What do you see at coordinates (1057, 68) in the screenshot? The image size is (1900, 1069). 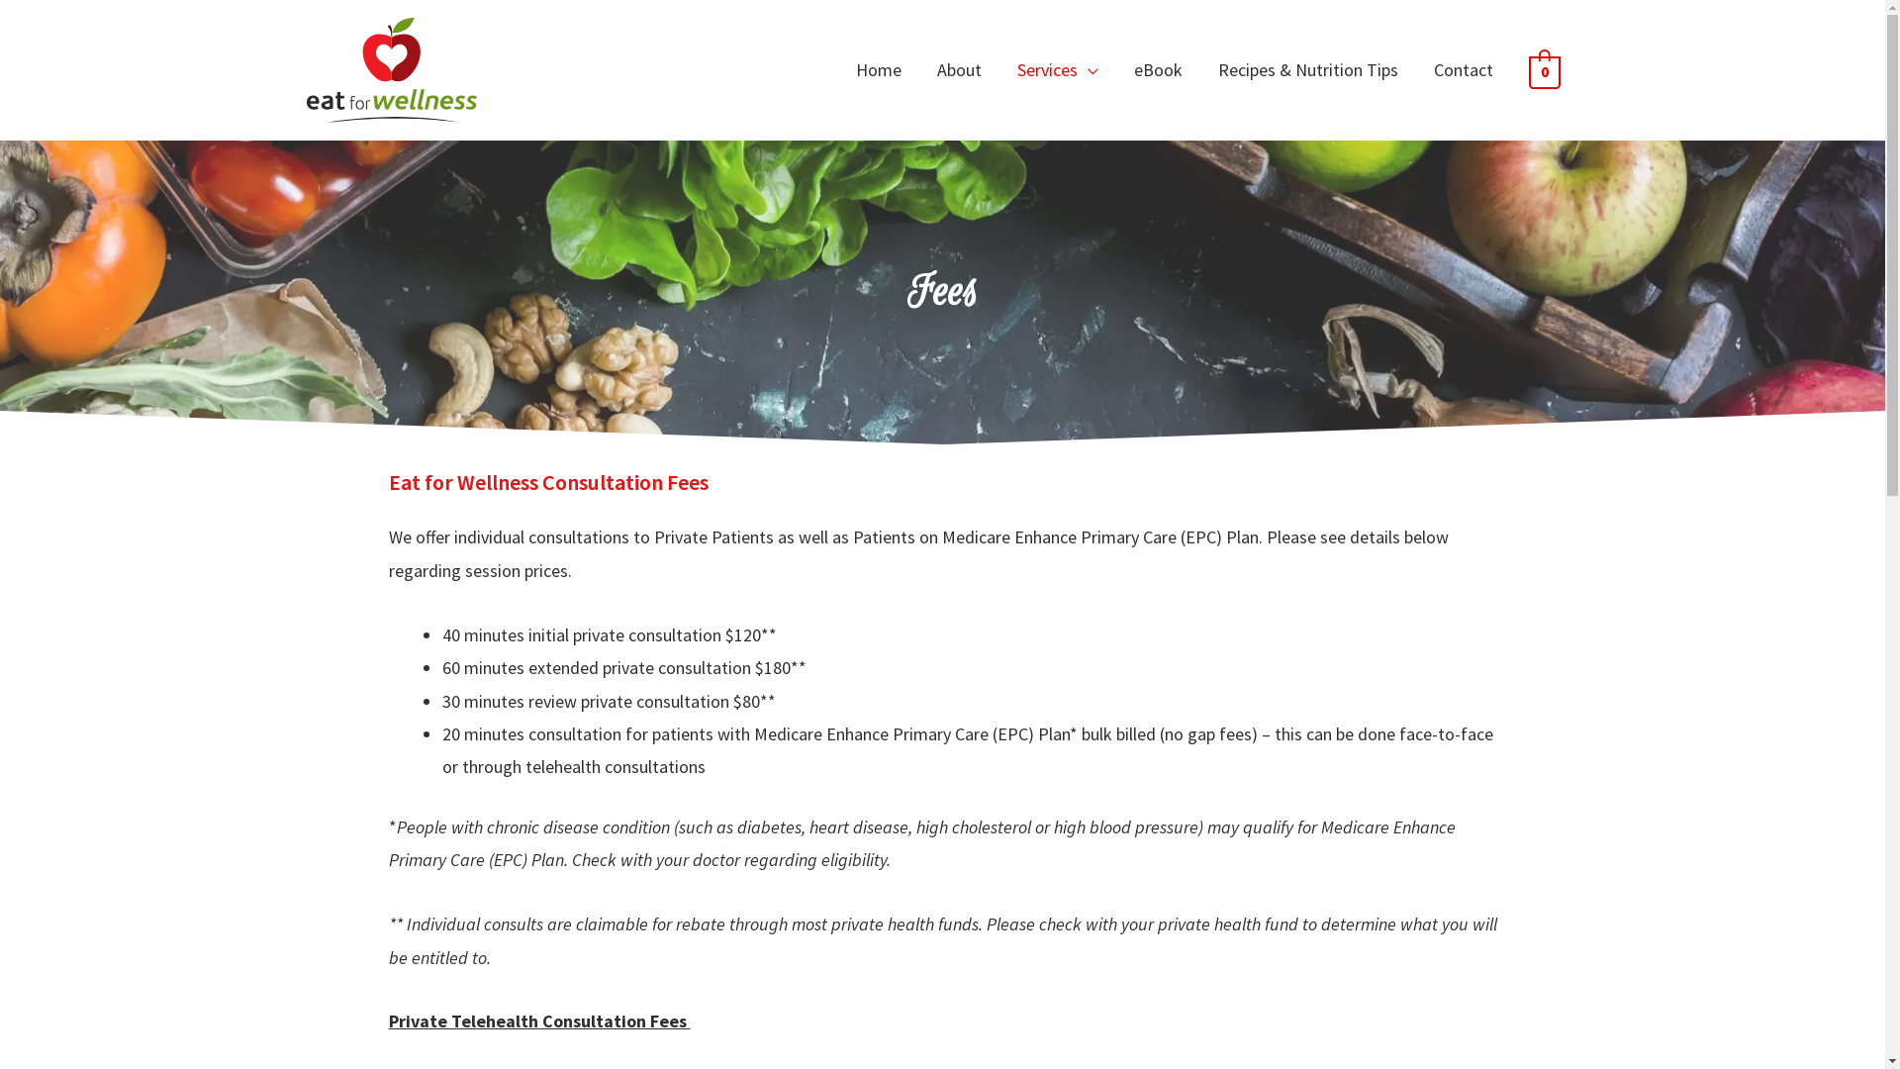 I see `'Services'` at bounding box center [1057, 68].